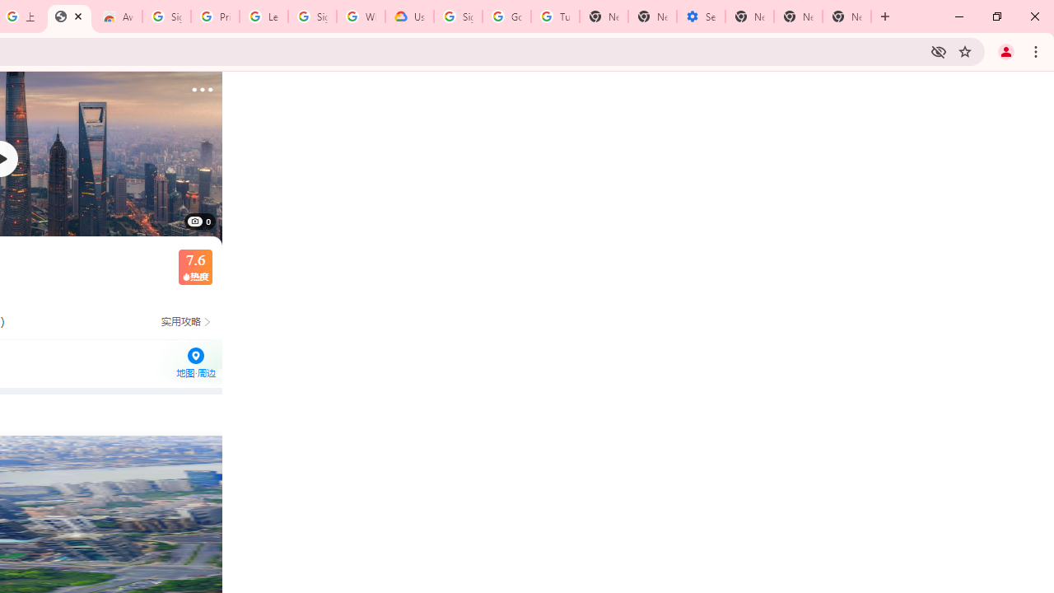 The width and height of the screenshot is (1054, 593). I want to click on 'Sign in - Google Accounts', so click(312, 16).